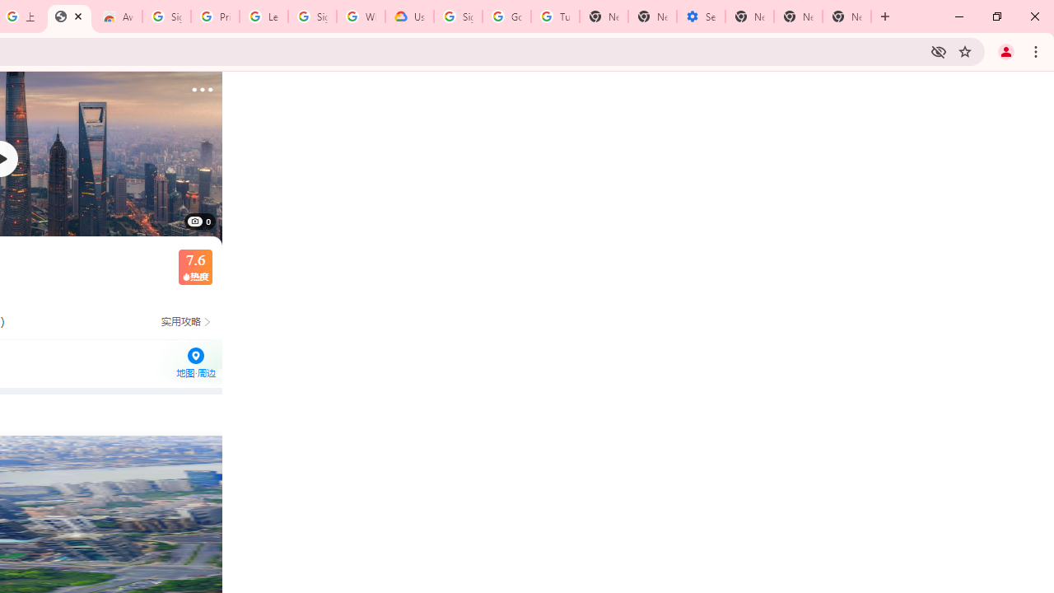 The width and height of the screenshot is (1054, 593). I want to click on 'Sign in - Google Accounts', so click(312, 16).